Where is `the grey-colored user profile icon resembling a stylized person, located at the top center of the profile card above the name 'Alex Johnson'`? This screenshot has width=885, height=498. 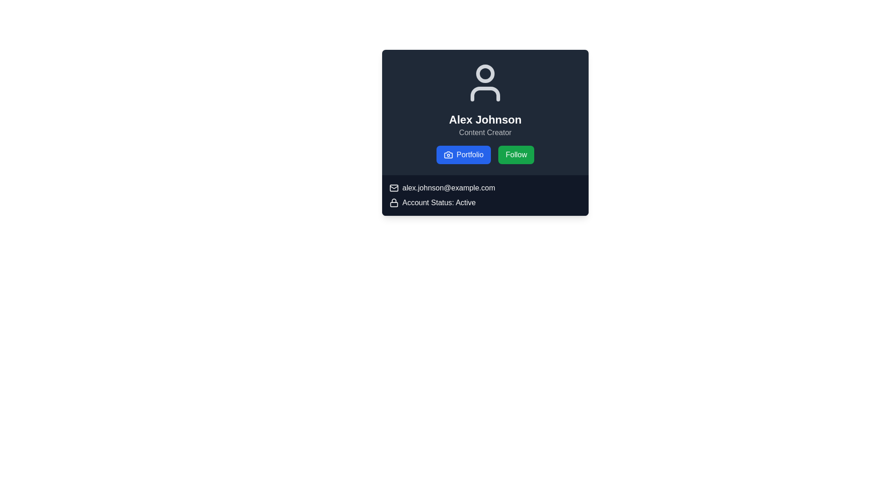 the grey-colored user profile icon resembling a stylized person, located at the top center of the profile card above the name 'Alex Johnson' is located at coordinates (484, 83).